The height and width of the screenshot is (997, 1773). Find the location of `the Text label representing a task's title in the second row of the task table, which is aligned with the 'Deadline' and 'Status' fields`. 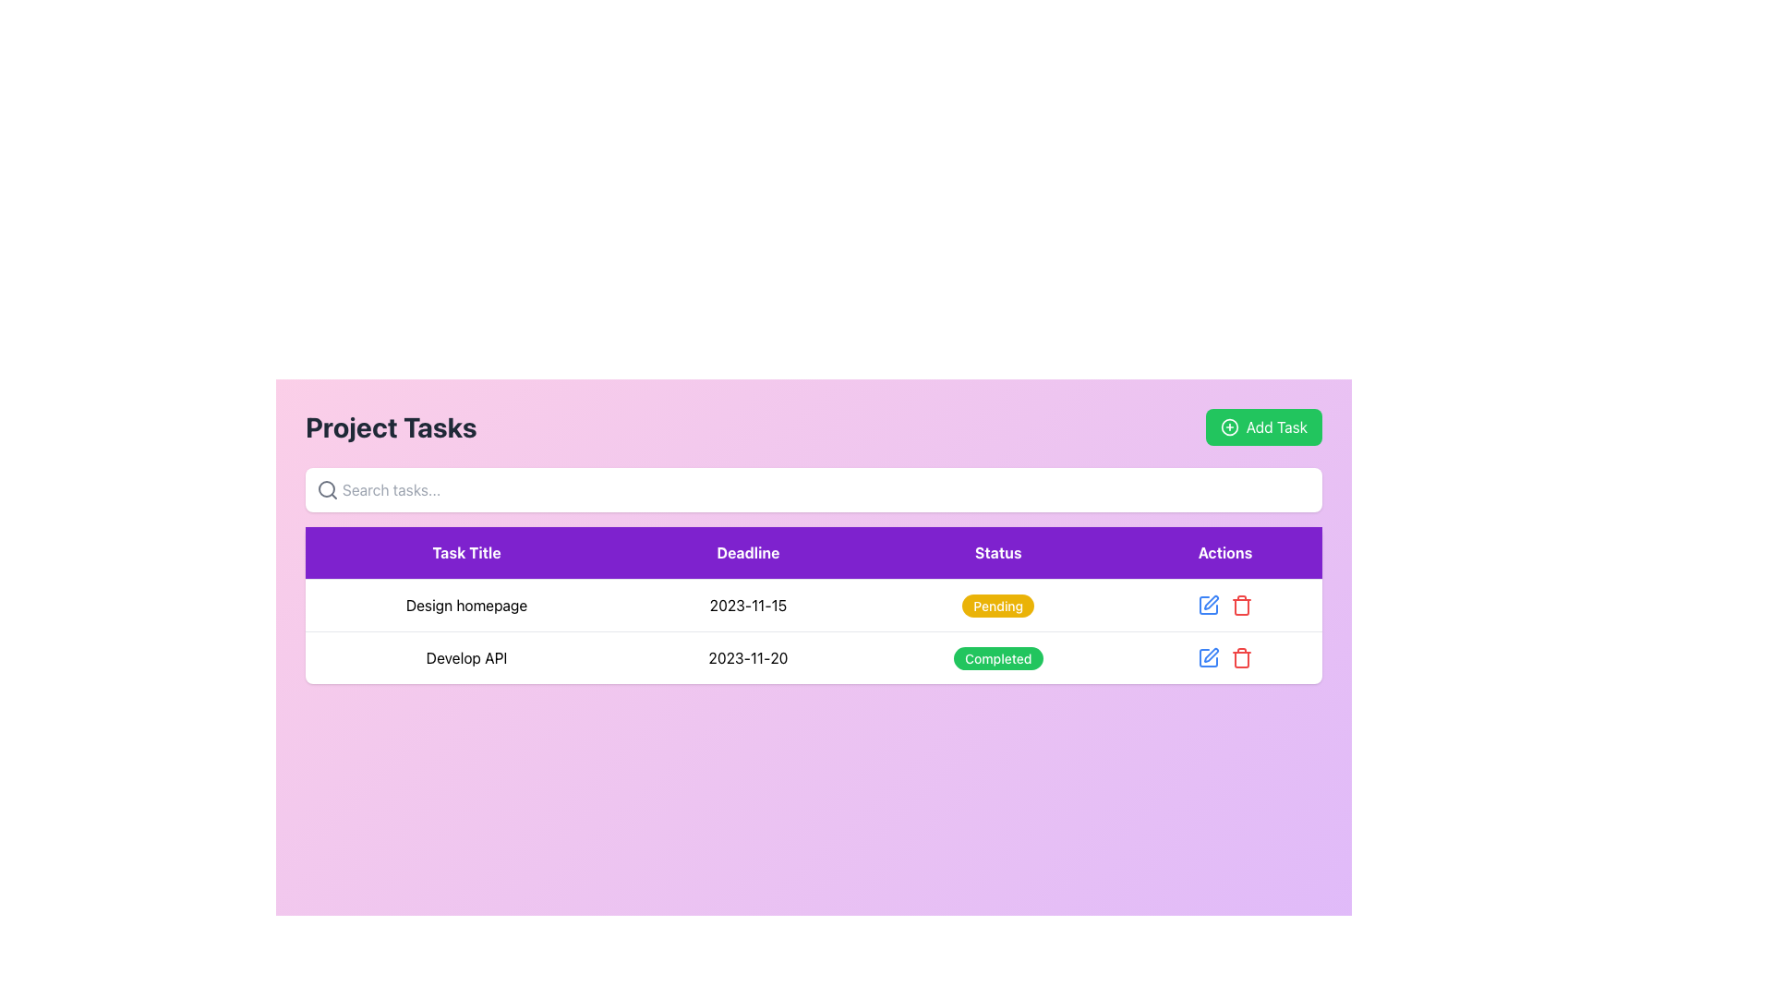

the Text label representing a task's title in the second row of the task table, which is aligned with the 'Deadline' and 'Status' fields is located at coordinates (466, 656).